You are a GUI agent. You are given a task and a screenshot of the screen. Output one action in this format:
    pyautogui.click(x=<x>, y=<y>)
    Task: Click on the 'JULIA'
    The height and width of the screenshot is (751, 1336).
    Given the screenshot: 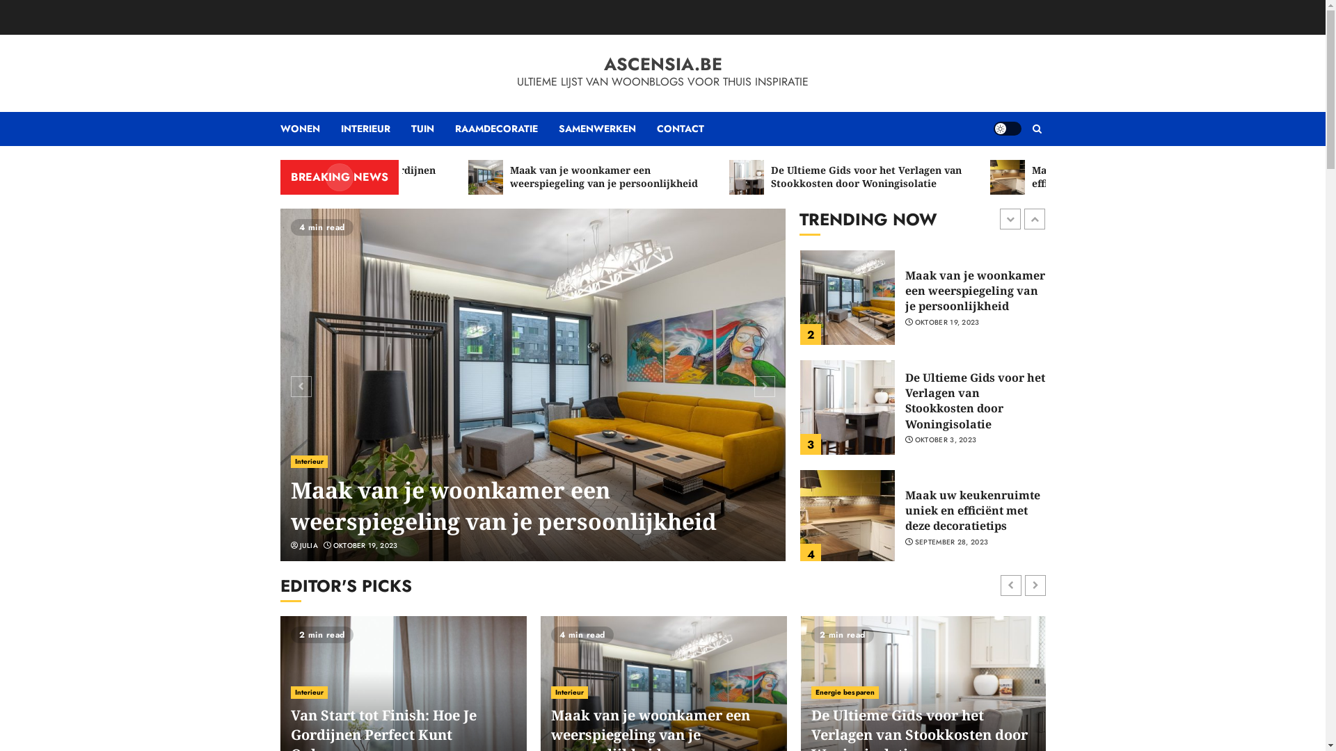 What is the action you would take?
    pyautogui.click(x=299, y=545)
    